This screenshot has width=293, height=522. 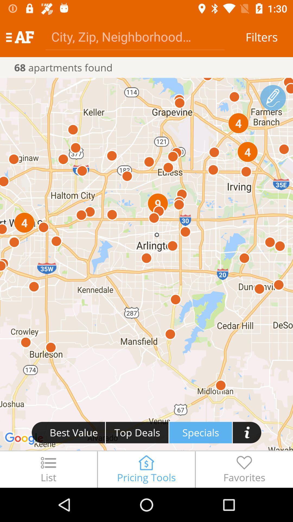 I want to click on farmer branch, so click(x=273, y=98).